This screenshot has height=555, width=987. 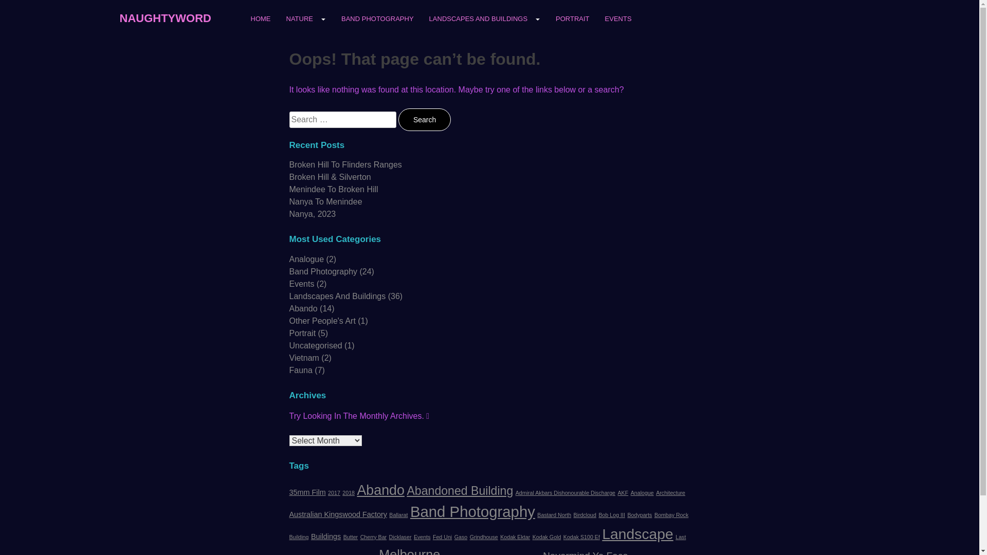 What do you see at coordinates (397, 515) in the screenshot?
I see `'Ballarat'` at bounding box center [397, 515].